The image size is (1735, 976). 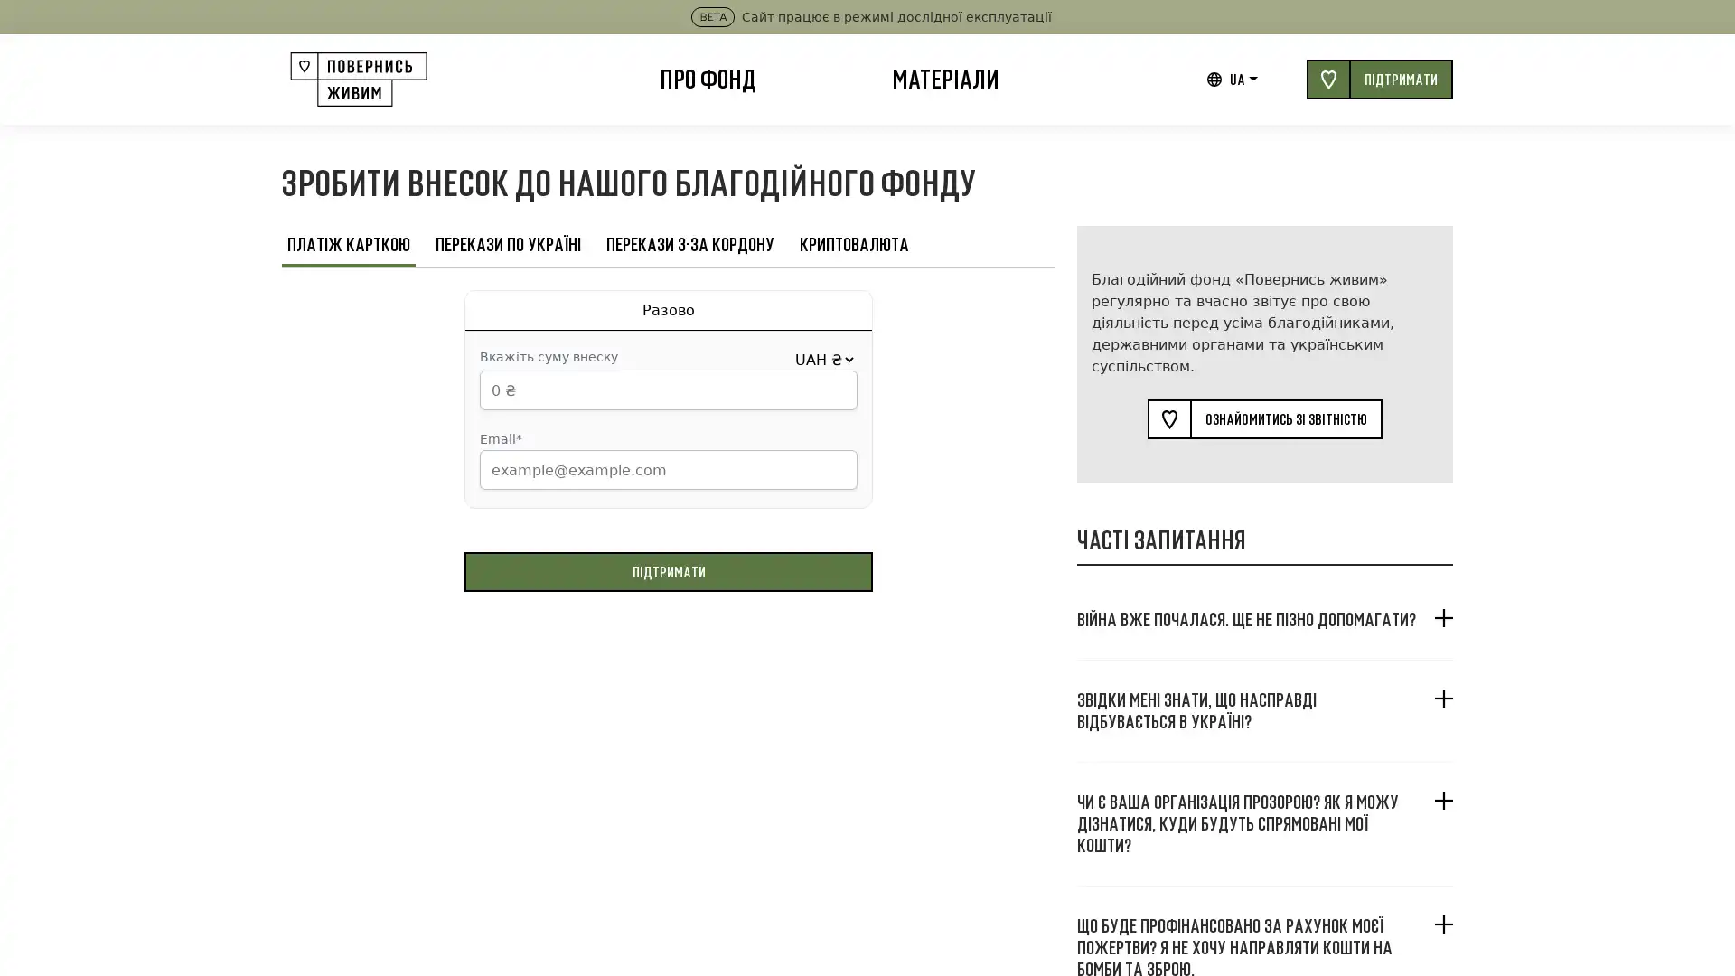 What do you see at coordinates (1264, 618) in the screenshot?
I see `.    ?` at bounding box center [1264, 618].